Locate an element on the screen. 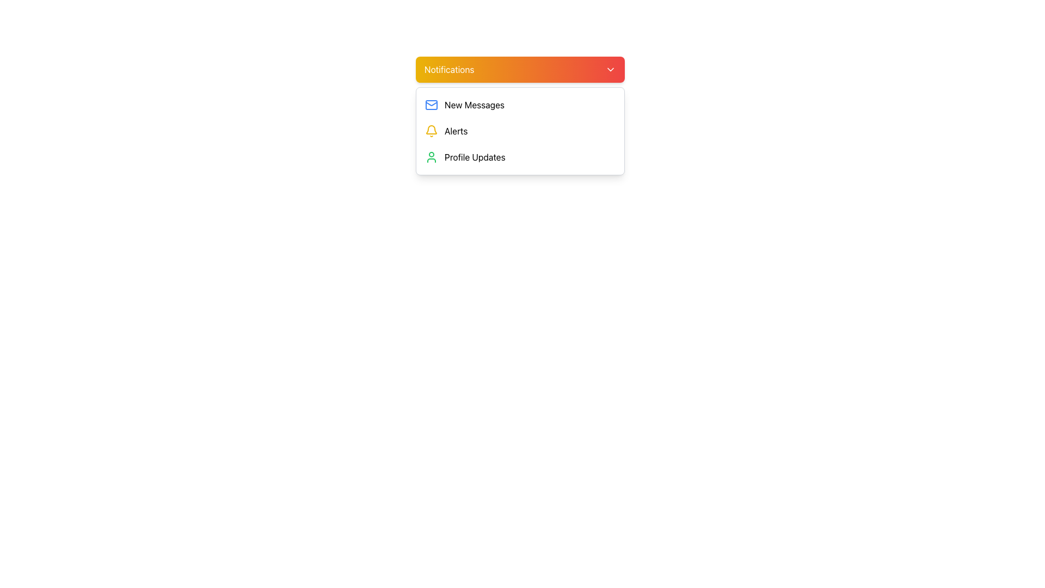 This screenshot has height=588, width=1045. the button that activates the dropdown menu, located at the top of the dropdown interface is located at coordinates (519, 69).